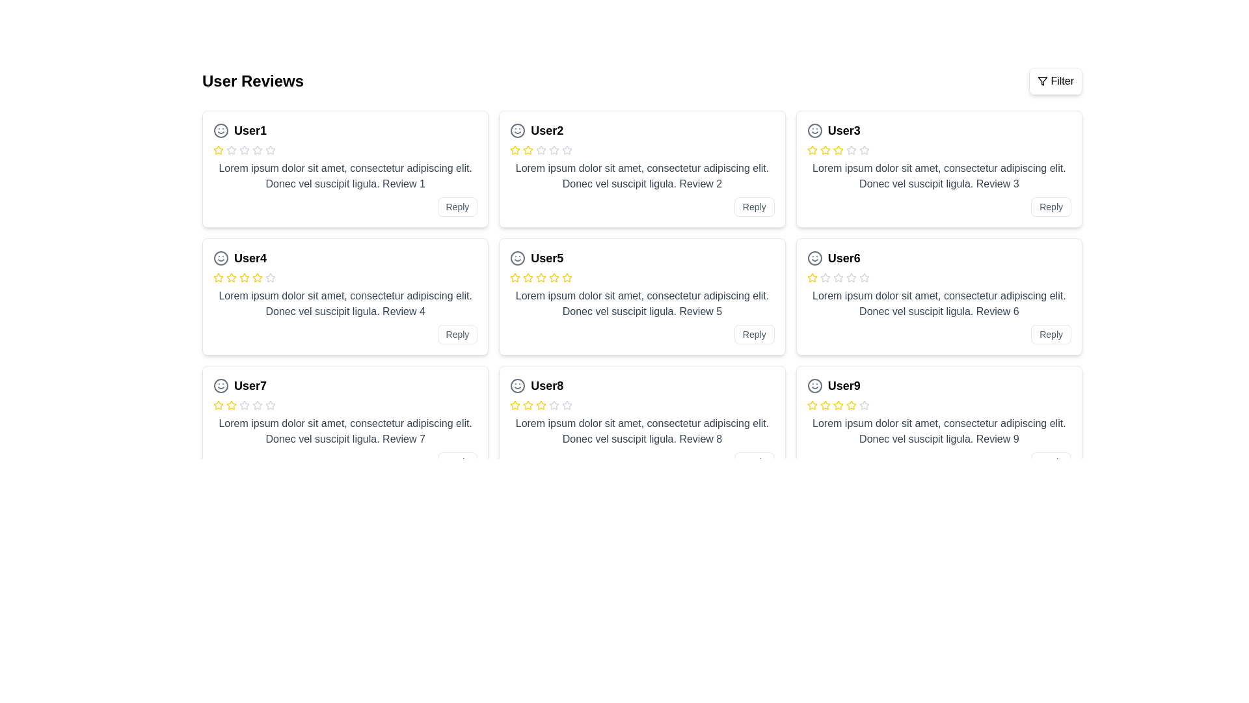 The width and height of the screenshot is (1249, 703). Describe the element at coordinates (1051, 206) in the screenshot. I see `the reply button located at the bottom-right corner of the third review card for 'User3' to change its background` at that location.